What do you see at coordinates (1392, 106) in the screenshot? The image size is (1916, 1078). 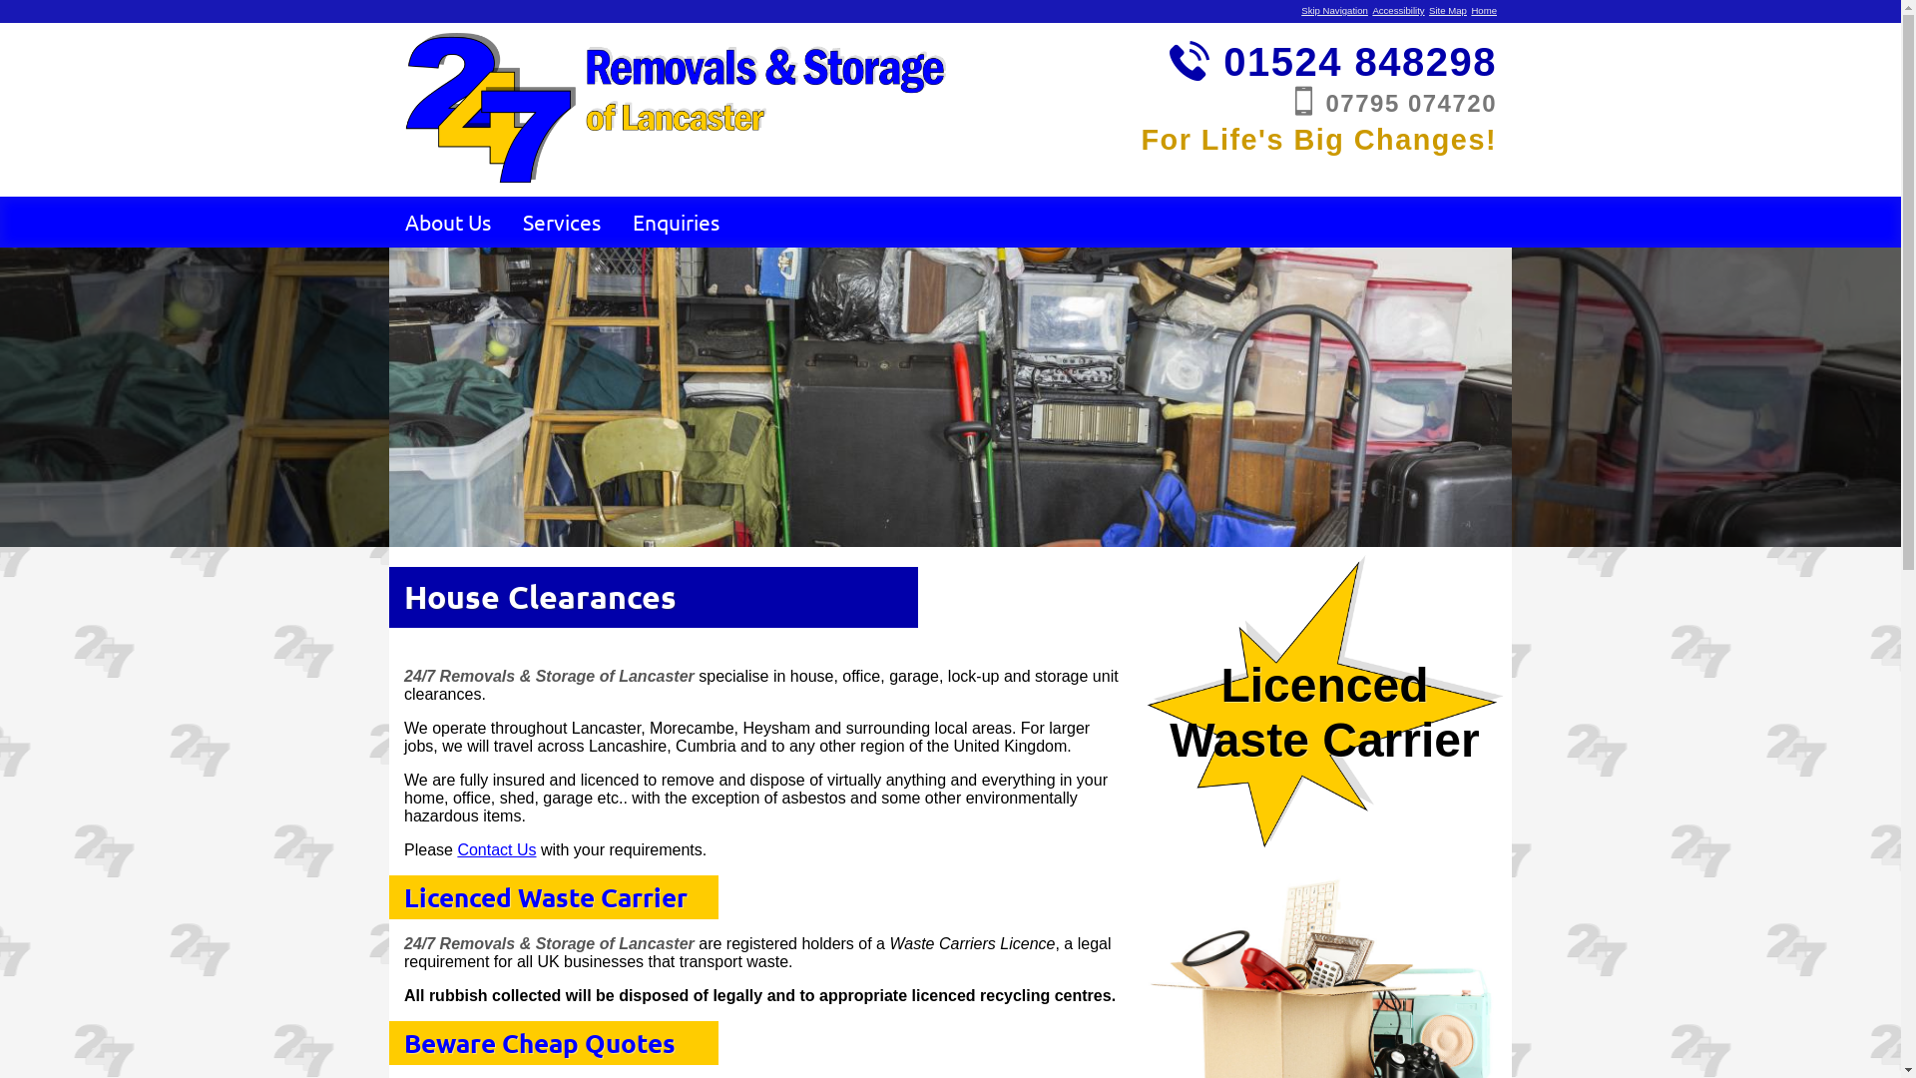 I see `'07795 074720'` at bounding box center [1392, 106].